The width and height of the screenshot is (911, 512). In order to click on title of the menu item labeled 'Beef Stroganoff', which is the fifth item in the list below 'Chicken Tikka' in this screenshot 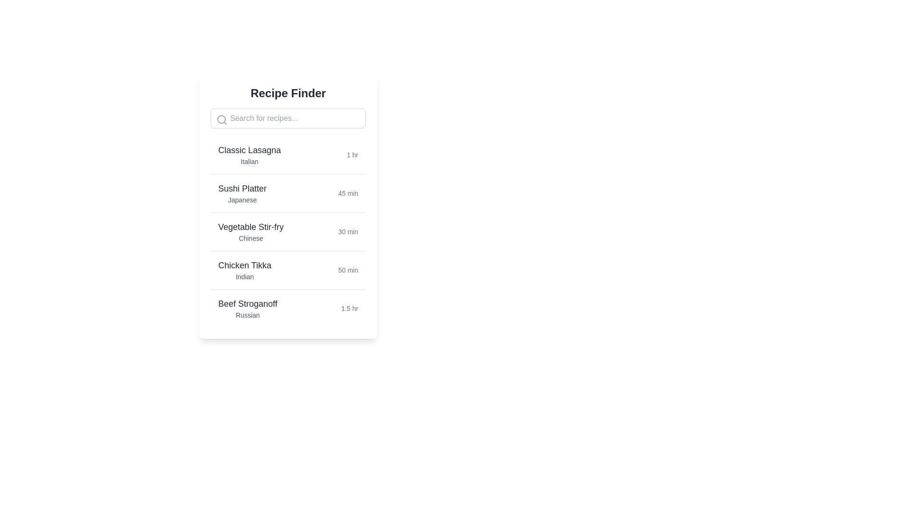, I will do `click(248, 309)`.